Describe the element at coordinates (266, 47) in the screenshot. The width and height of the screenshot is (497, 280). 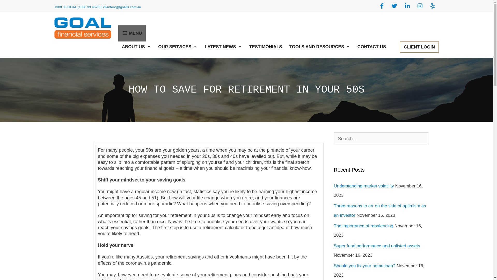
I see `'TESTIMONIALS'` at that location.